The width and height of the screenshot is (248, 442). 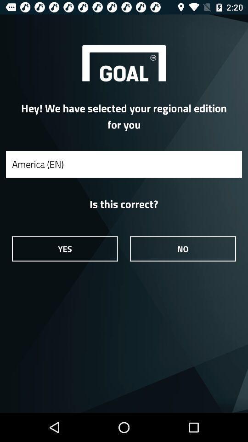 I want to click on the item next to the no item, so click(x=64, y=248).